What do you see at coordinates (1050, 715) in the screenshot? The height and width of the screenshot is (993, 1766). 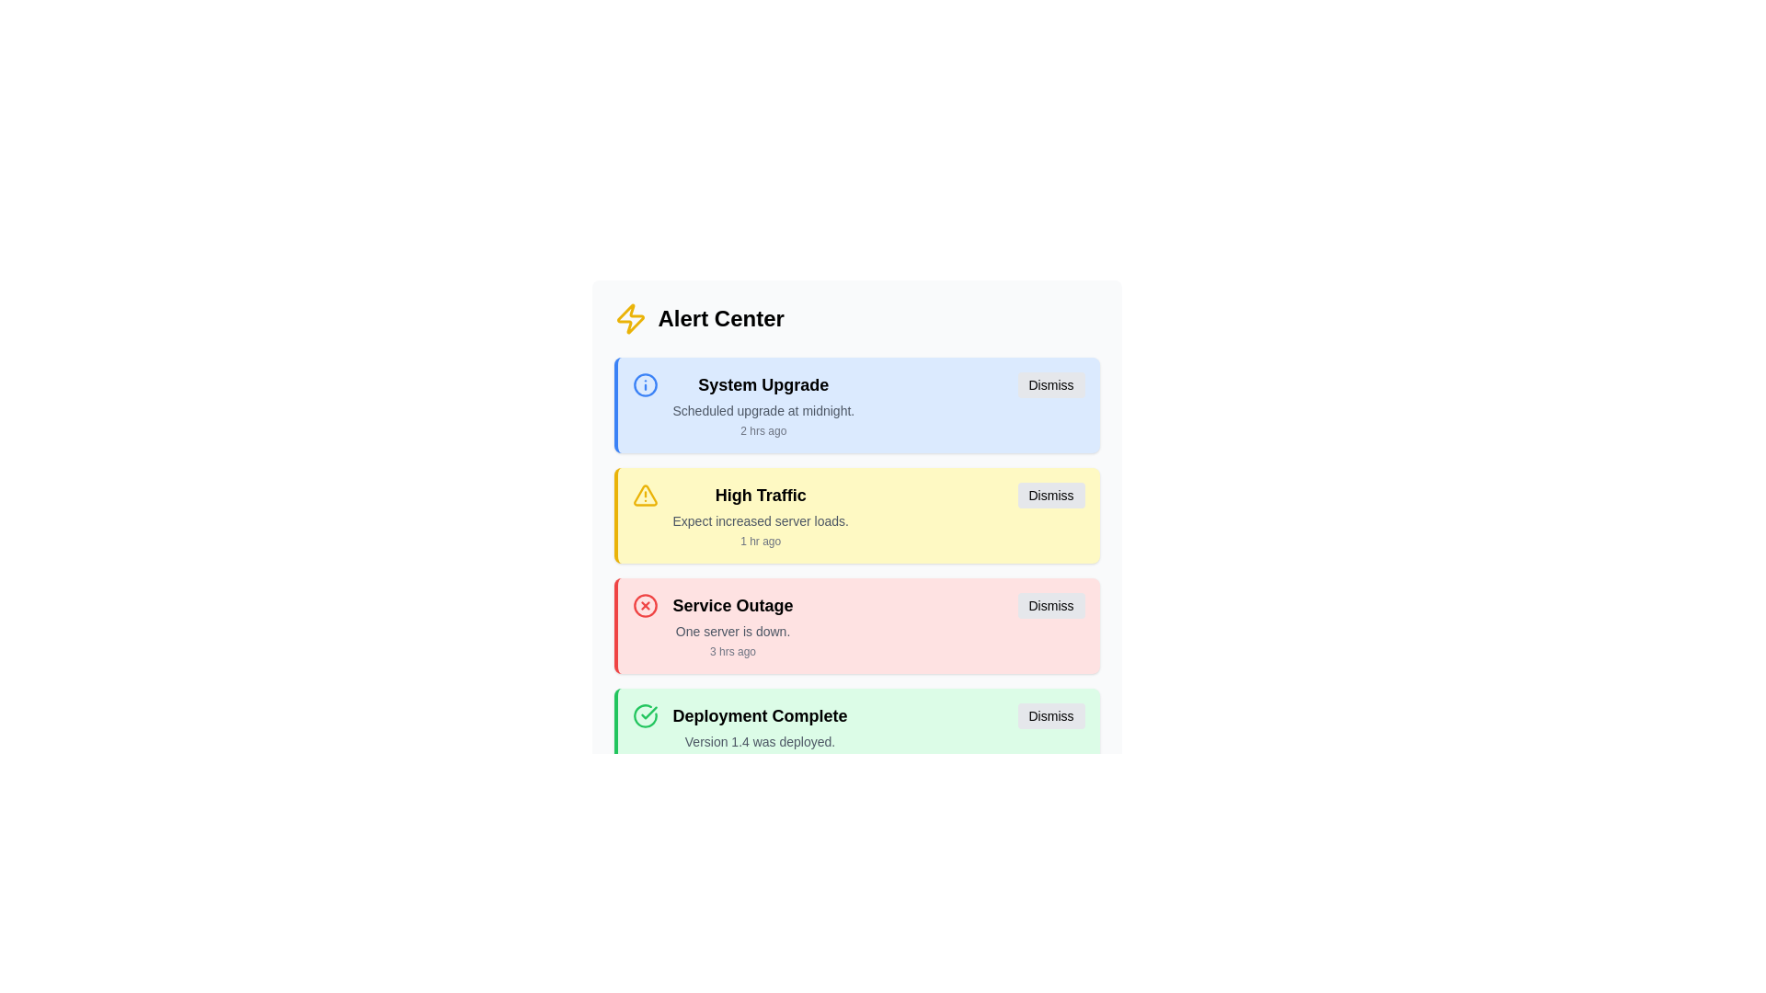 I see `the 'Dismiss' button located at the top-right corner of the 'Deployment Complete' notification panel` at bounding box center [1050, 715].